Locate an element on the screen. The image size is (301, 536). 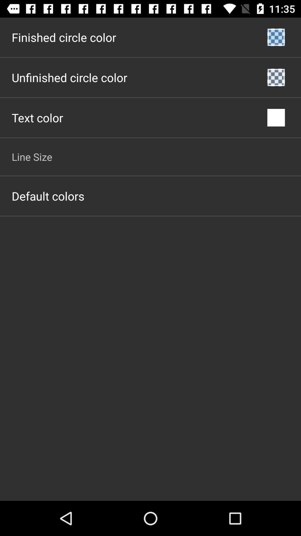
the icon next to the text color item is located at coordinates (276, 117).